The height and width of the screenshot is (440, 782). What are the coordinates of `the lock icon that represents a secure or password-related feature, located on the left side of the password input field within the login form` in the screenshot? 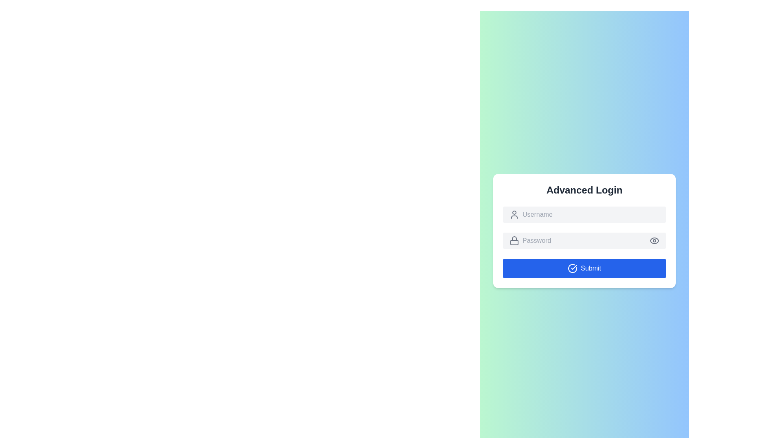 It's located at (514, 240).